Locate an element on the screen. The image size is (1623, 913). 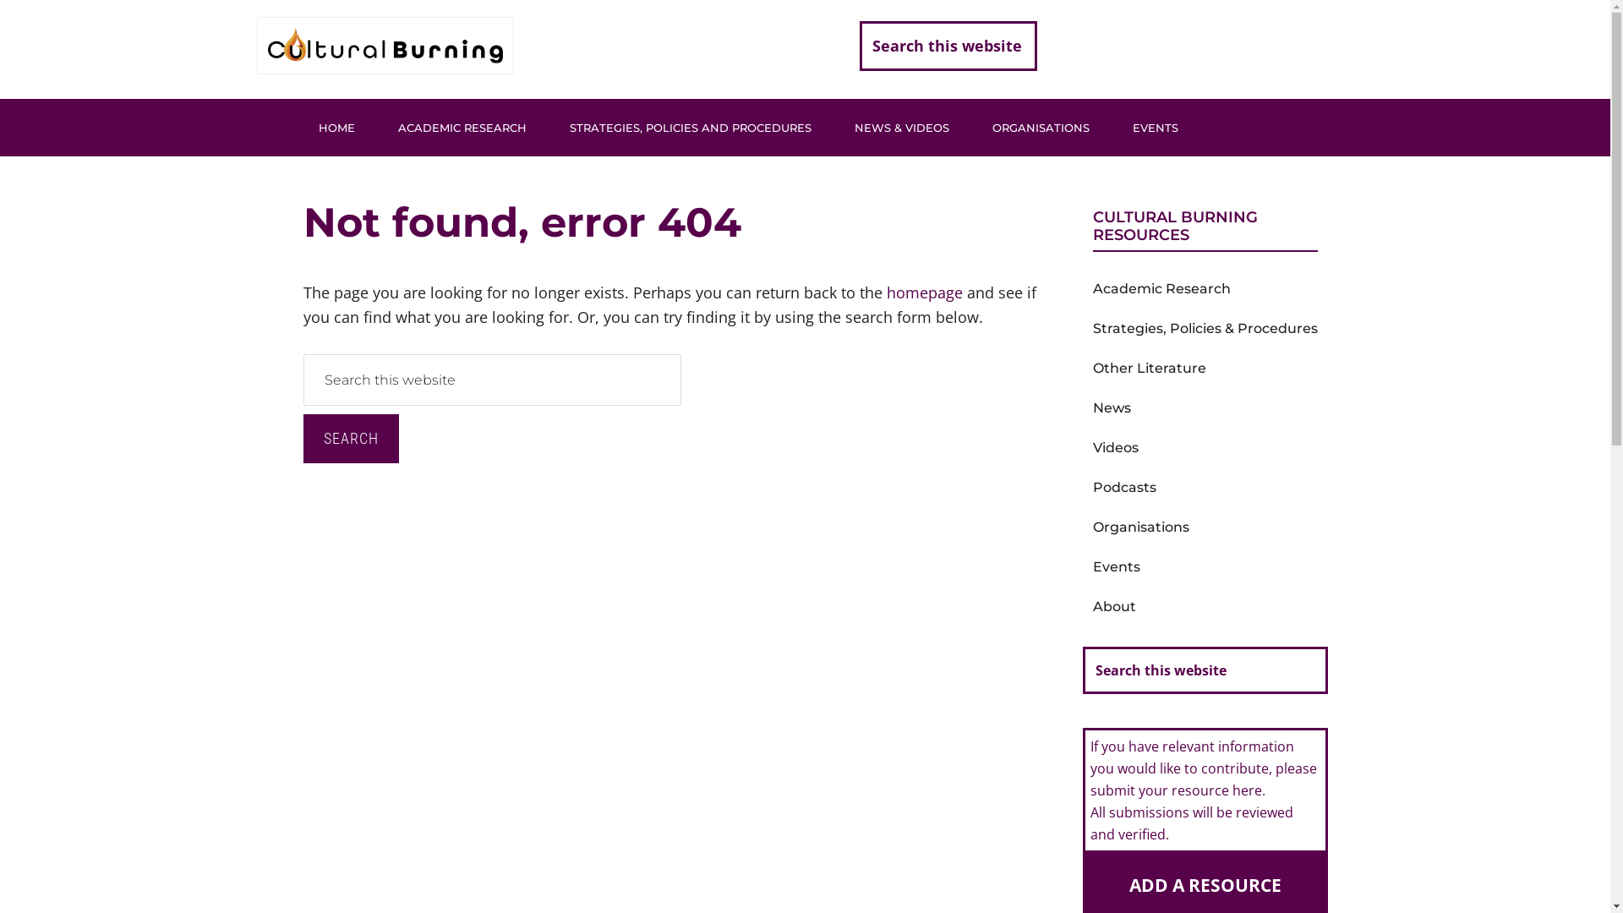
'Search this website' is located at coordinates (1204, 670).